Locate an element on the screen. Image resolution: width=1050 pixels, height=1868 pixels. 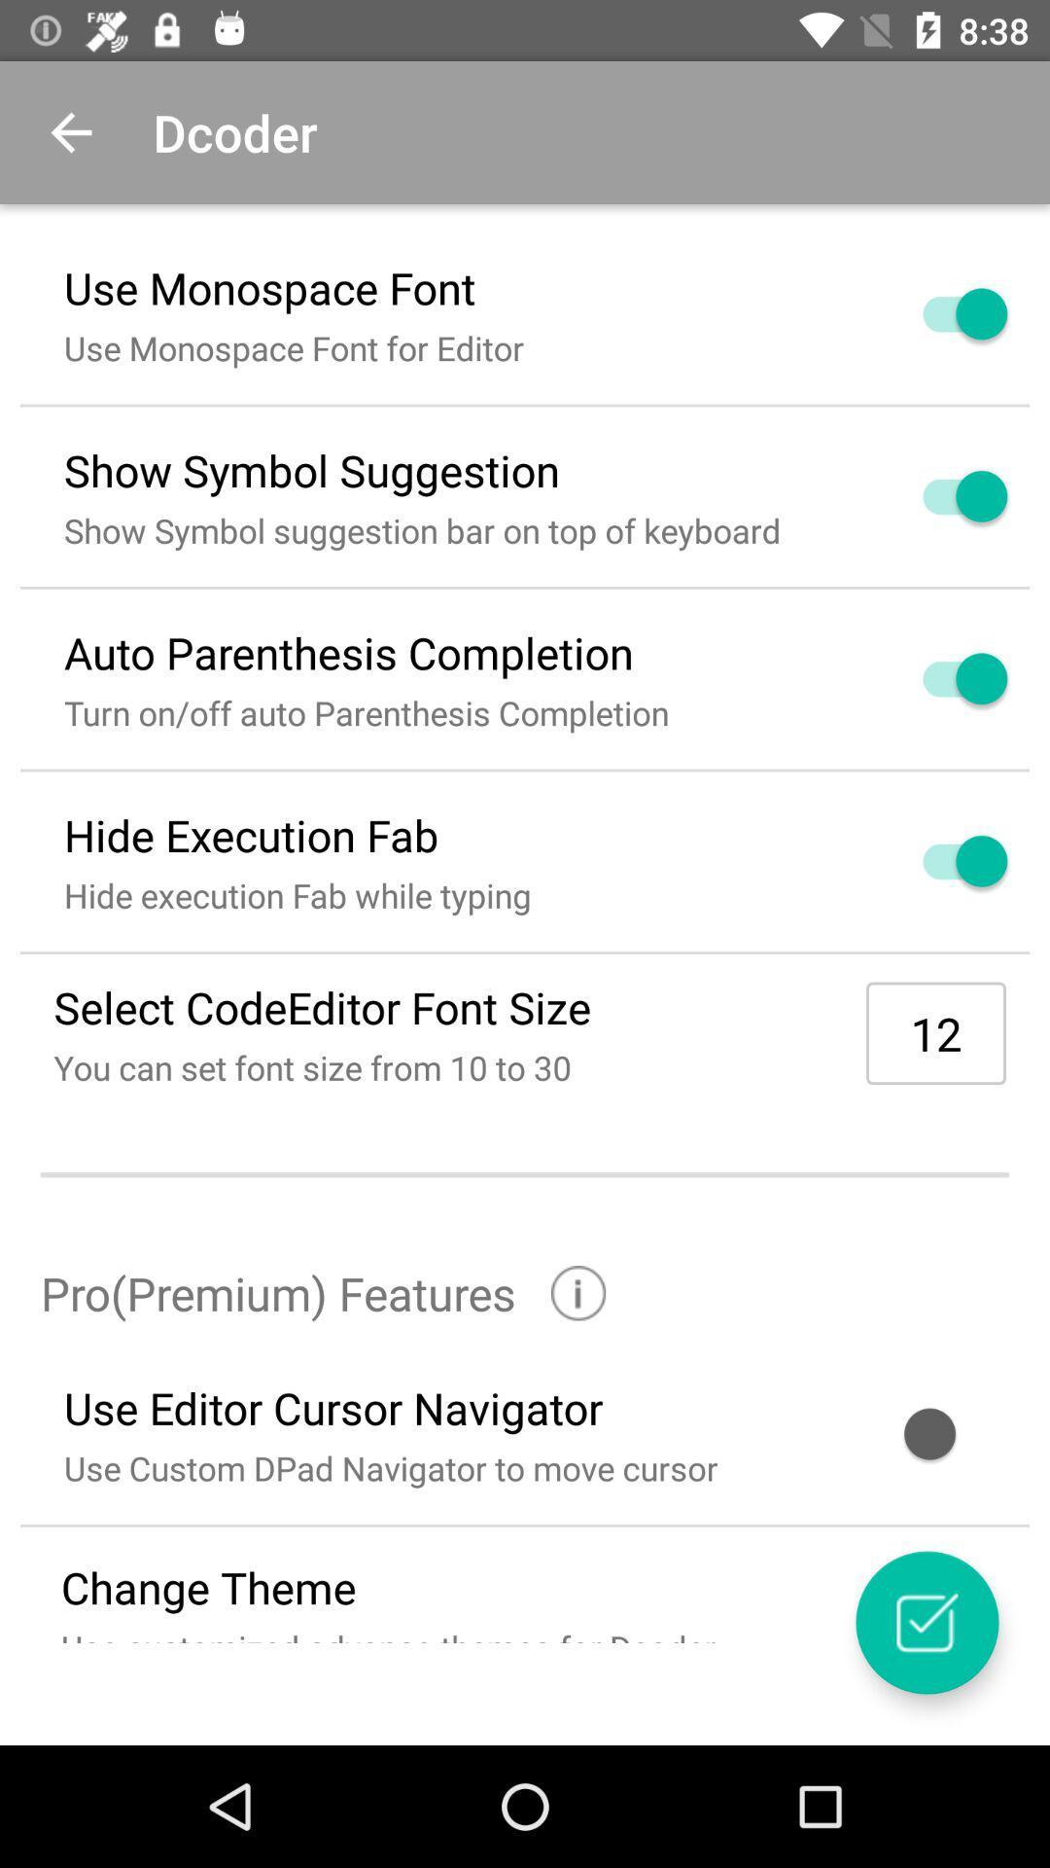
change theme is located at coordinates (926, 1622).